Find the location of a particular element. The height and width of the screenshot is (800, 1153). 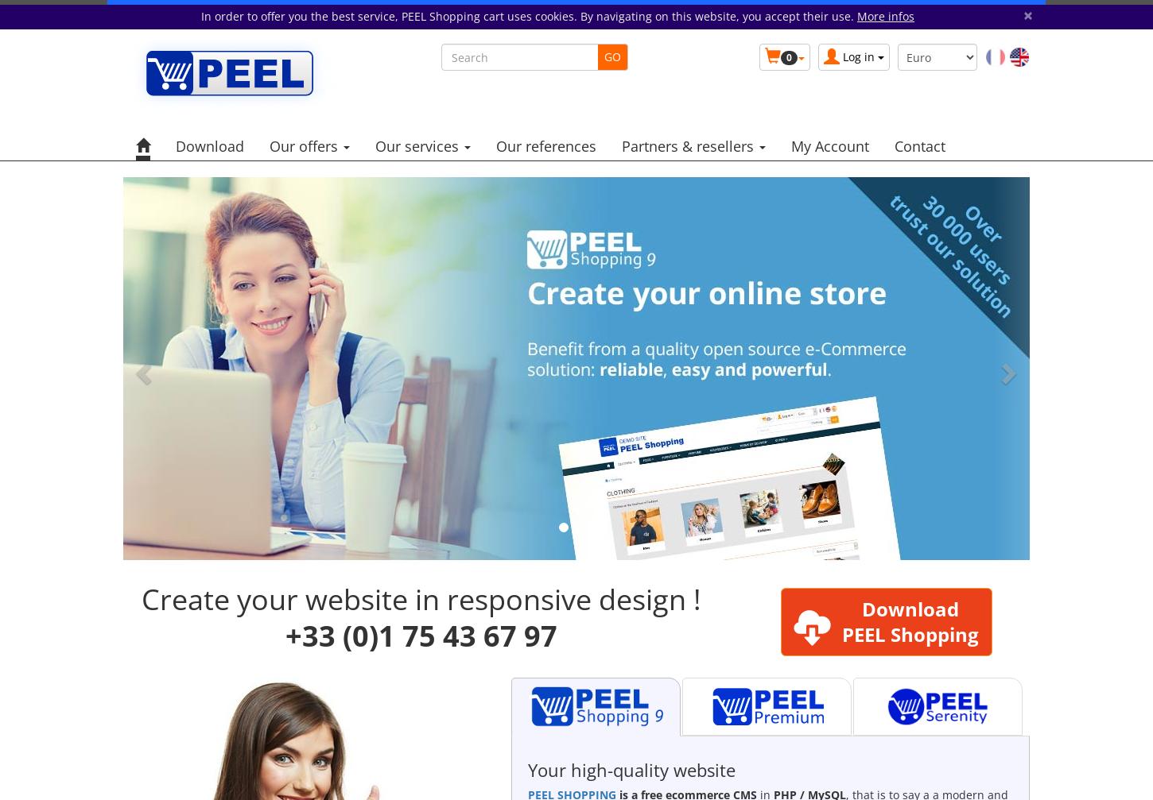

'Our references' is located at coordinates (545, 145).